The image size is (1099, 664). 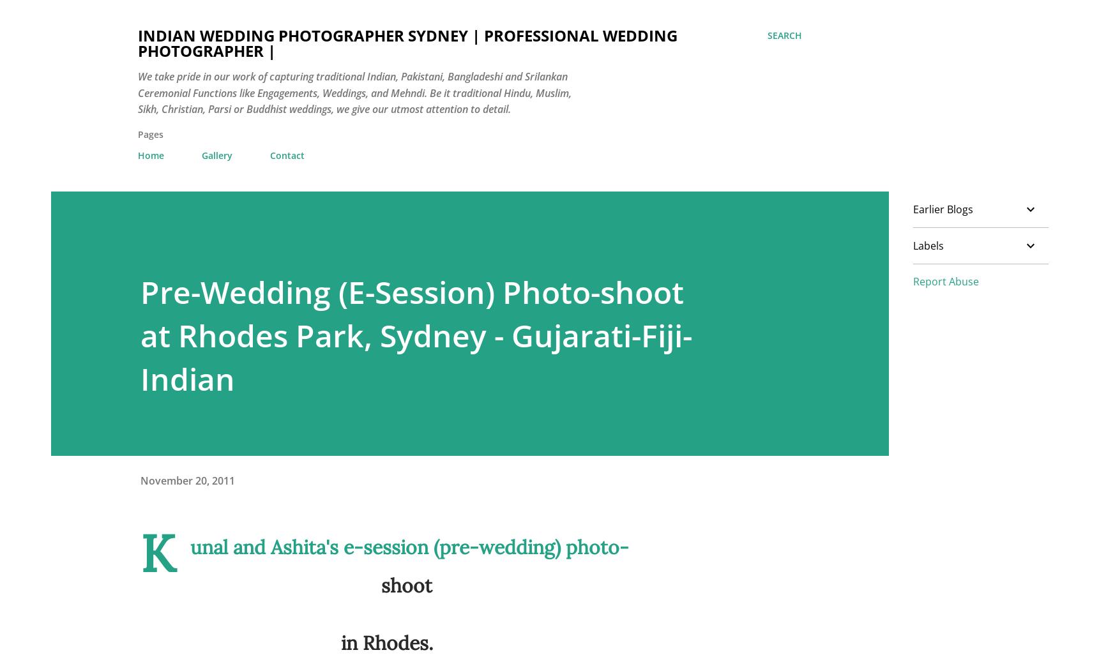 I want to click on 'Pre-Wedding (E-Session) Photo-shoot at Rhodes Park, Sydney - Gujarati-Fiji-Indian', so click(x=416, y=334).